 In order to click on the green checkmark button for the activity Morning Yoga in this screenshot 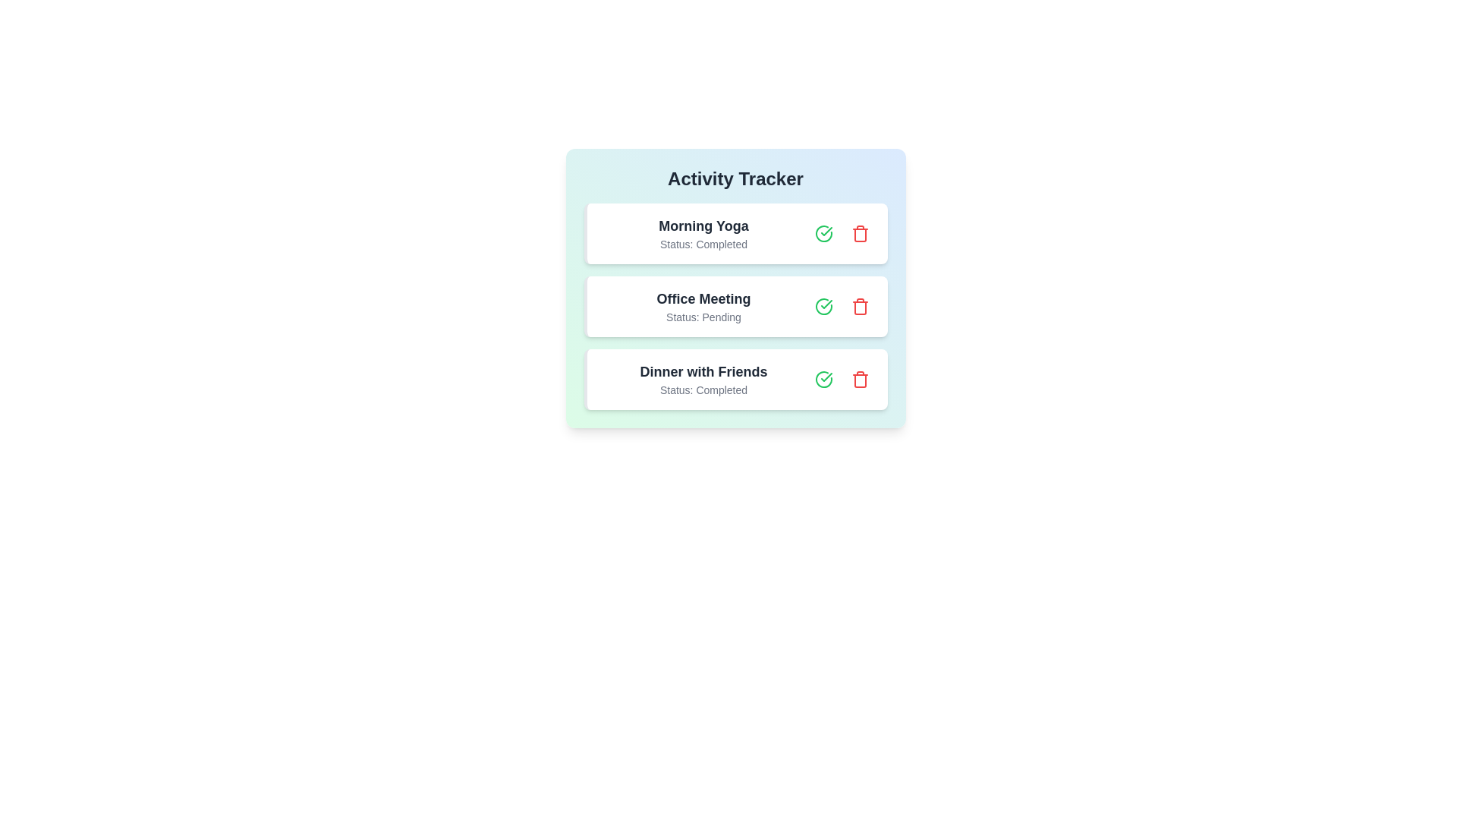, I will do `click(823, 234)`.